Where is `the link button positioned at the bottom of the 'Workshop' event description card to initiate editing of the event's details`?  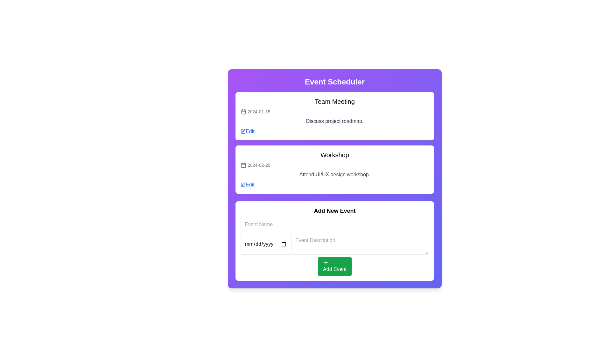 the link button positioned at the bottom of the 'Workshop' event description card to initiate editing of the event's details is located at coordinates (247, 185).